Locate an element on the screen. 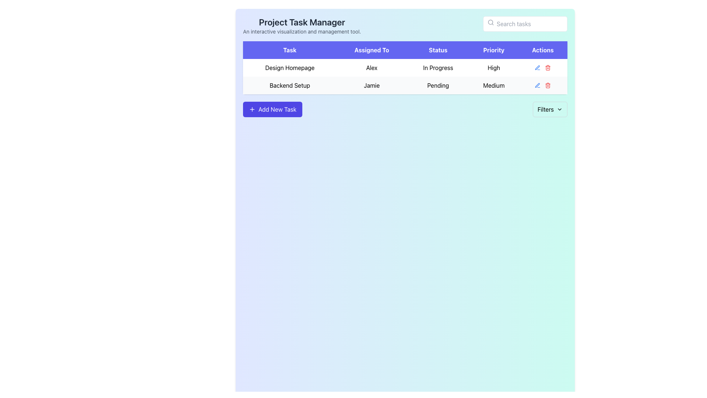 Image resolution: width=707 pixels, height=398 pixels. the 'Medium' priority level text label in the task row for 'Backend Setup' is located at coordinates (493, 85).